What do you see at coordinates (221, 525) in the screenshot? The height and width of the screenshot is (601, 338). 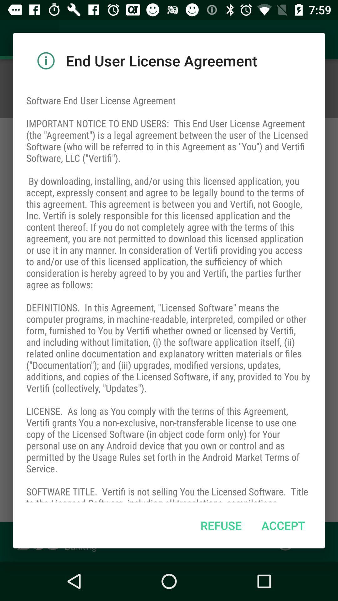 I see `refuse item` at bounding box center [221, 525].